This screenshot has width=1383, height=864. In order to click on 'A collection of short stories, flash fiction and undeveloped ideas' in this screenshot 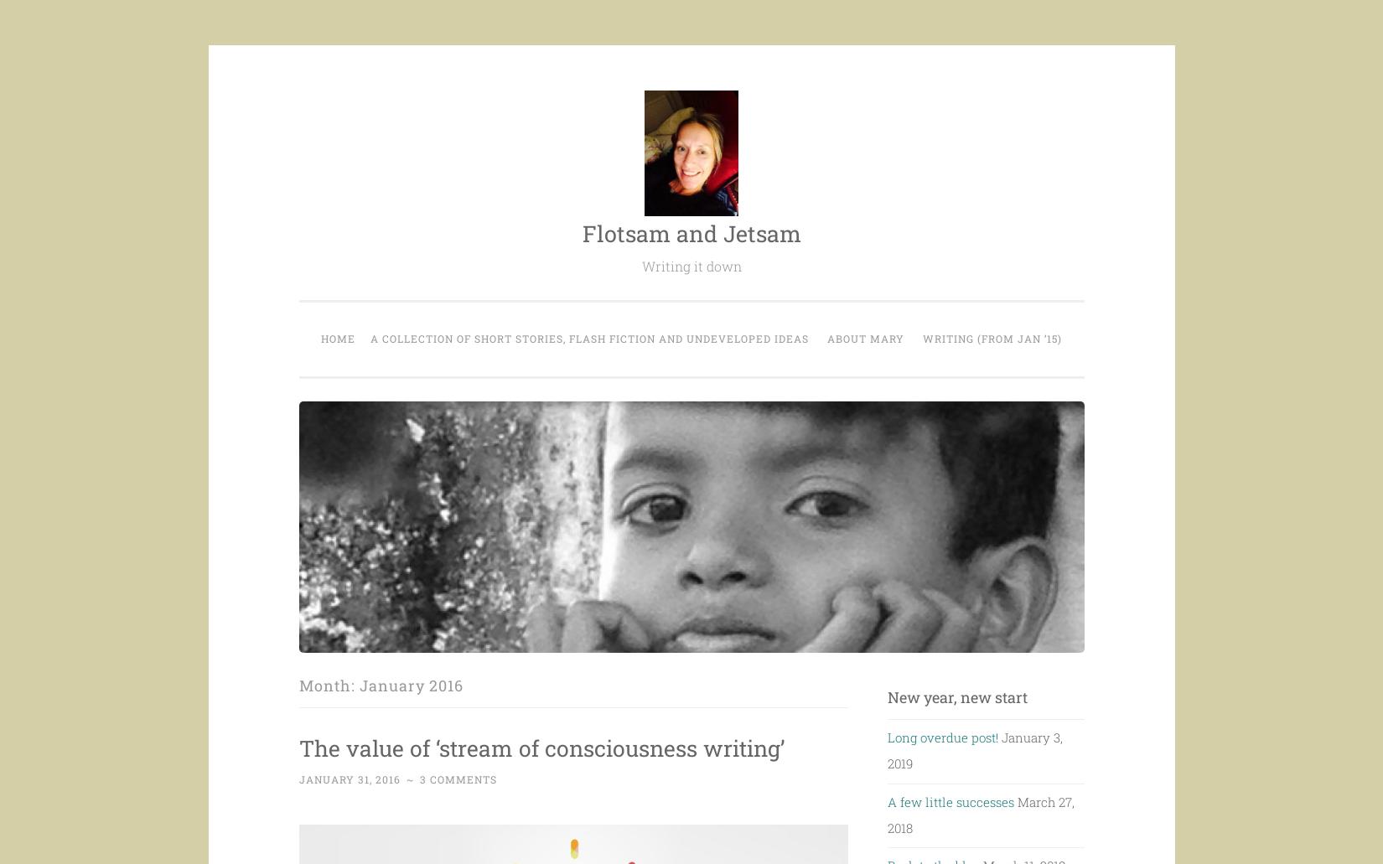, I will do `click(588, 338)`.